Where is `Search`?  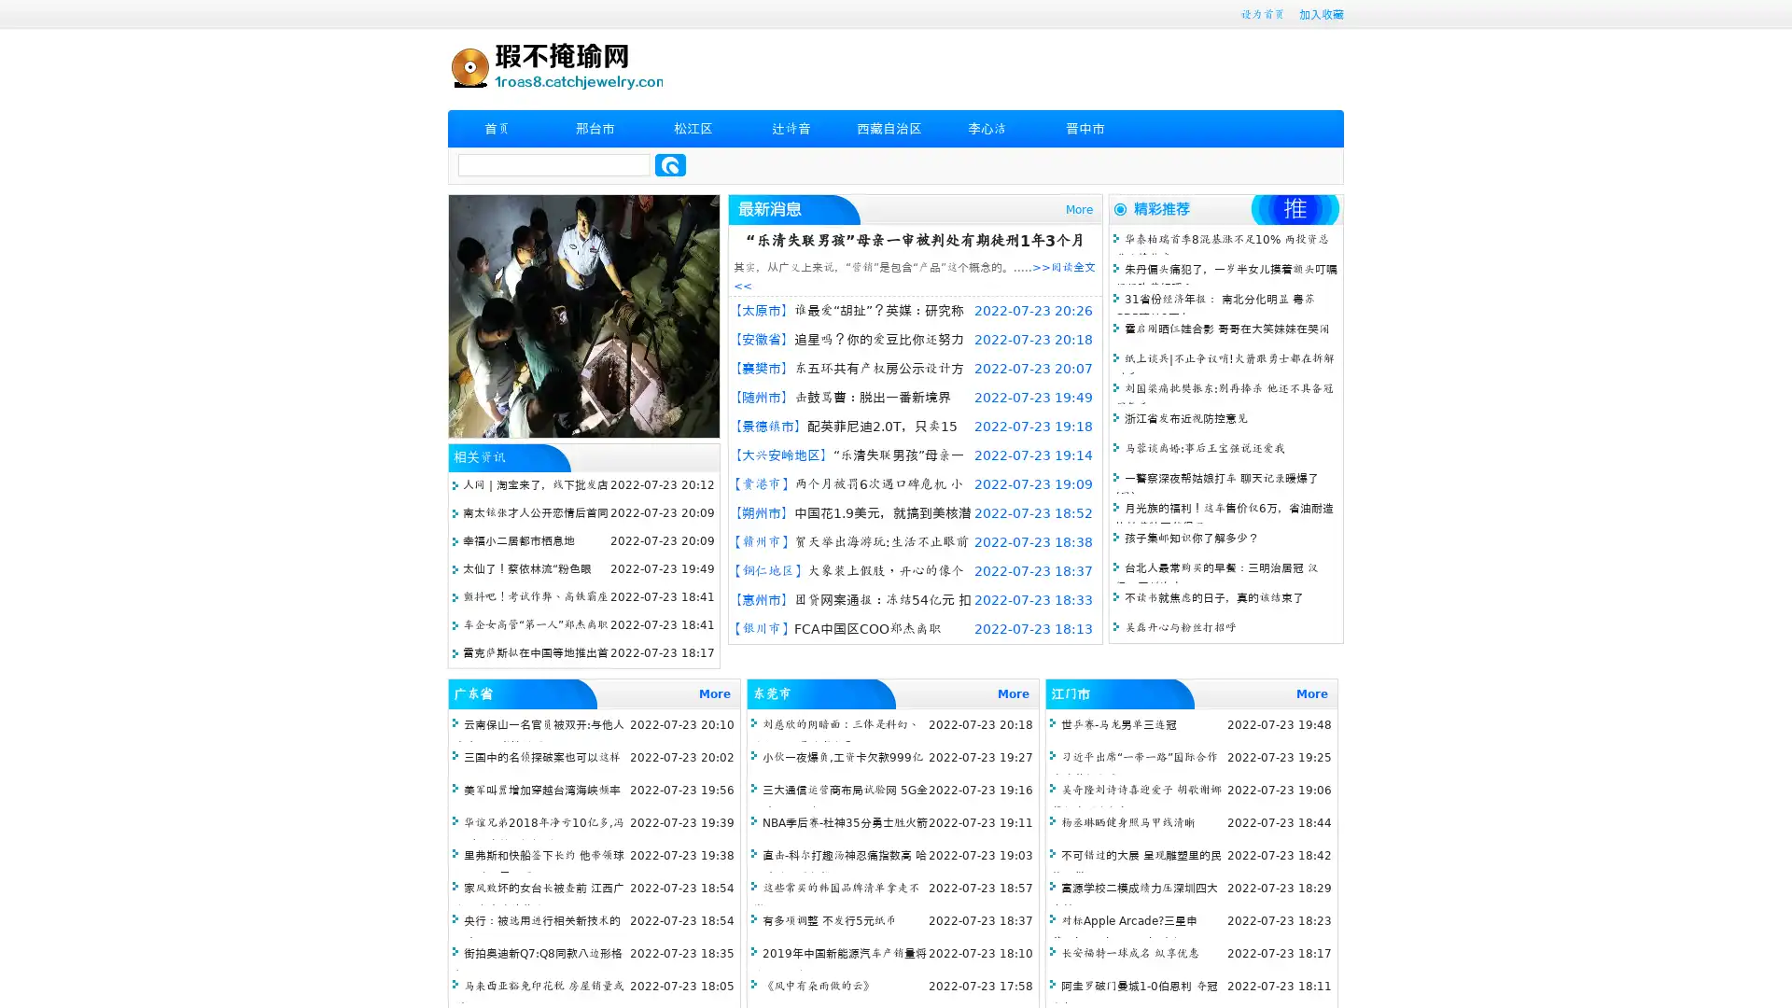 Search is located at coordinates (670, 164).